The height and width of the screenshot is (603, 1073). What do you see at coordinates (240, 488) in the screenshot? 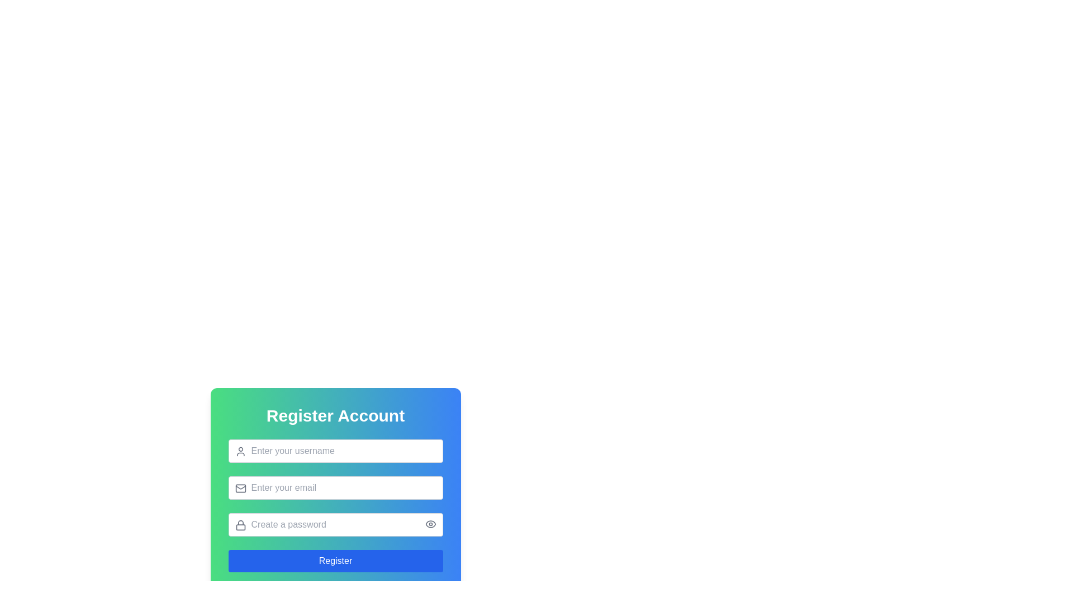
I see `the email input field icon located inside the second input field of the 'Register Account' form, which indicates users should enter an email address` at bounding box center [240, 488].